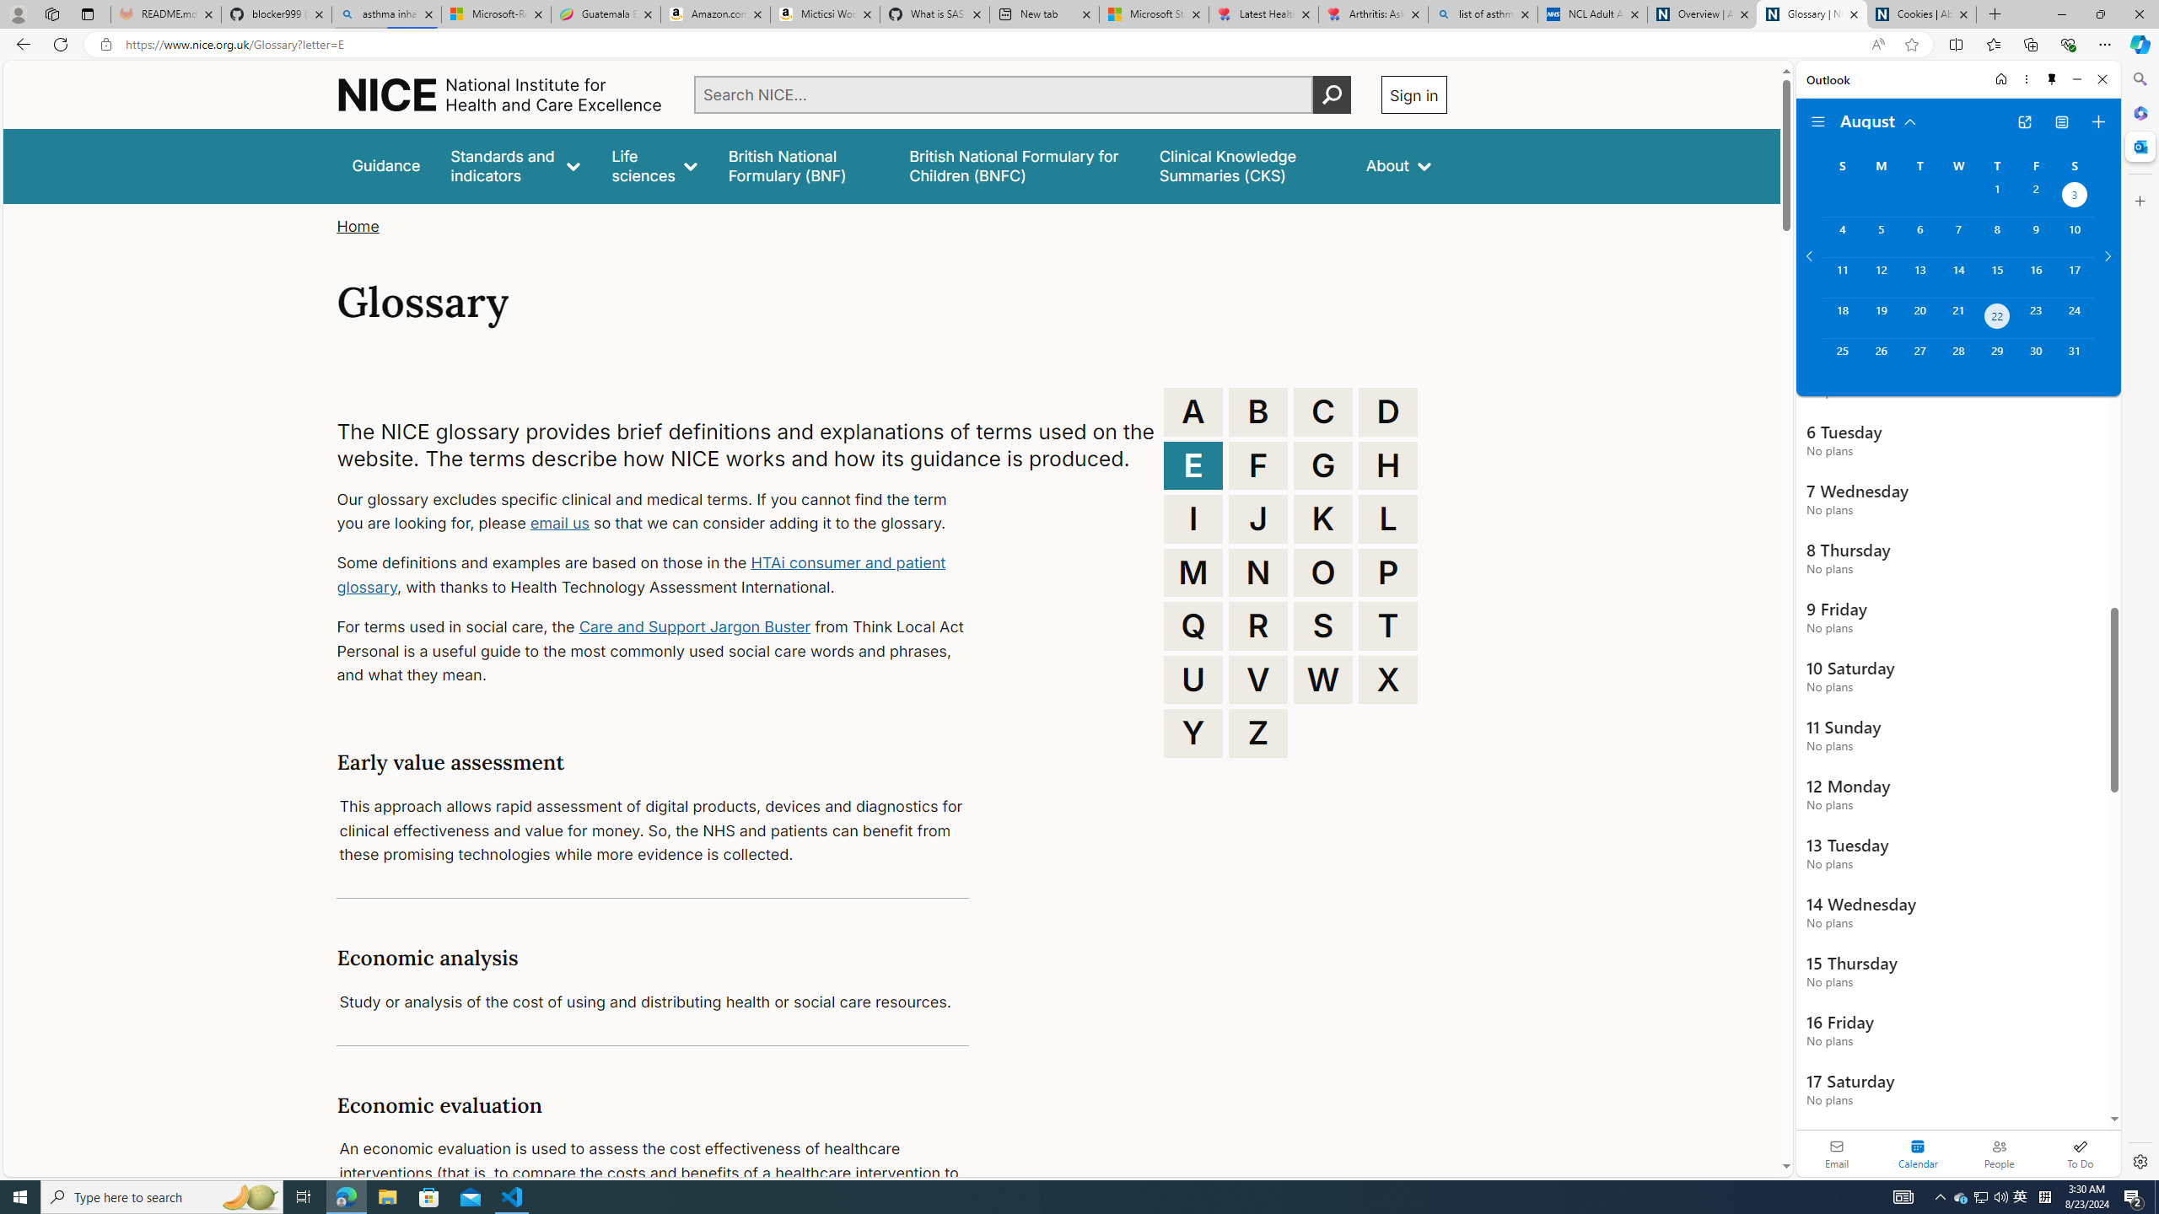 The image size is (2159, 1214). What do you see at coordinates (653, 165) in the screenshot?
I see `'Life sciences'` at bounding box center [653, 165].